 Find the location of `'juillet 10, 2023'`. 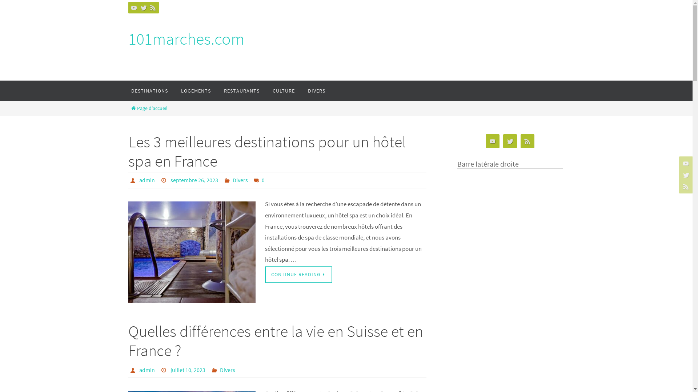

'juillet 10, 2023' is located at coordinates (170, 370).